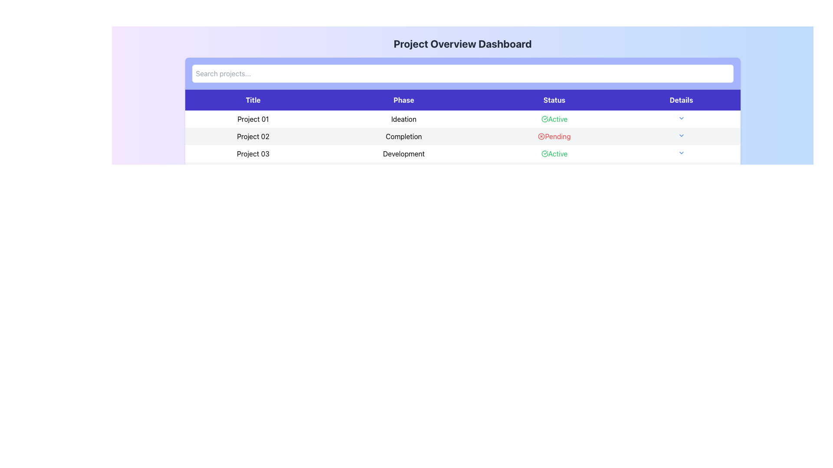  I want to click on the Status Indicator that shows the current project status as 'Active', located in the 'Ideation' row under the 'Status' column, so click(554, 119).